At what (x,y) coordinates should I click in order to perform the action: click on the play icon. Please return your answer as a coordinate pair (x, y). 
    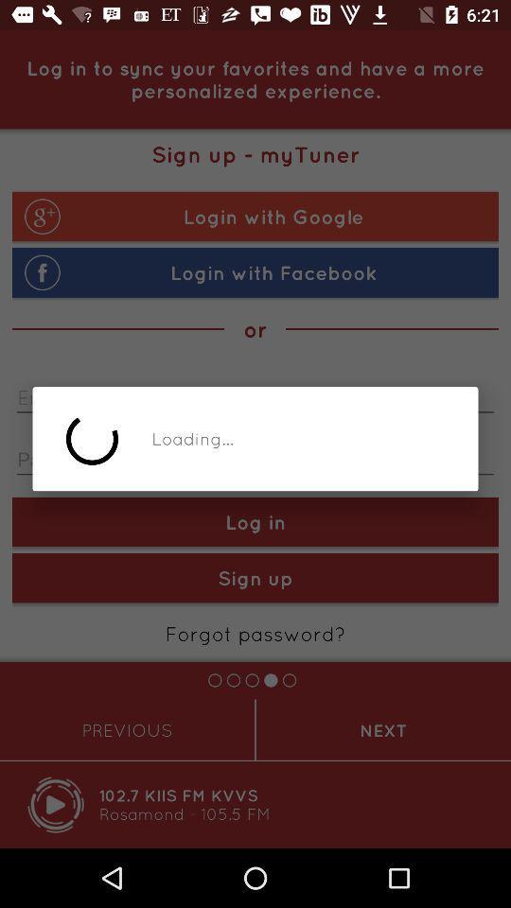
    Looking at the image, I should click on (56, 804).